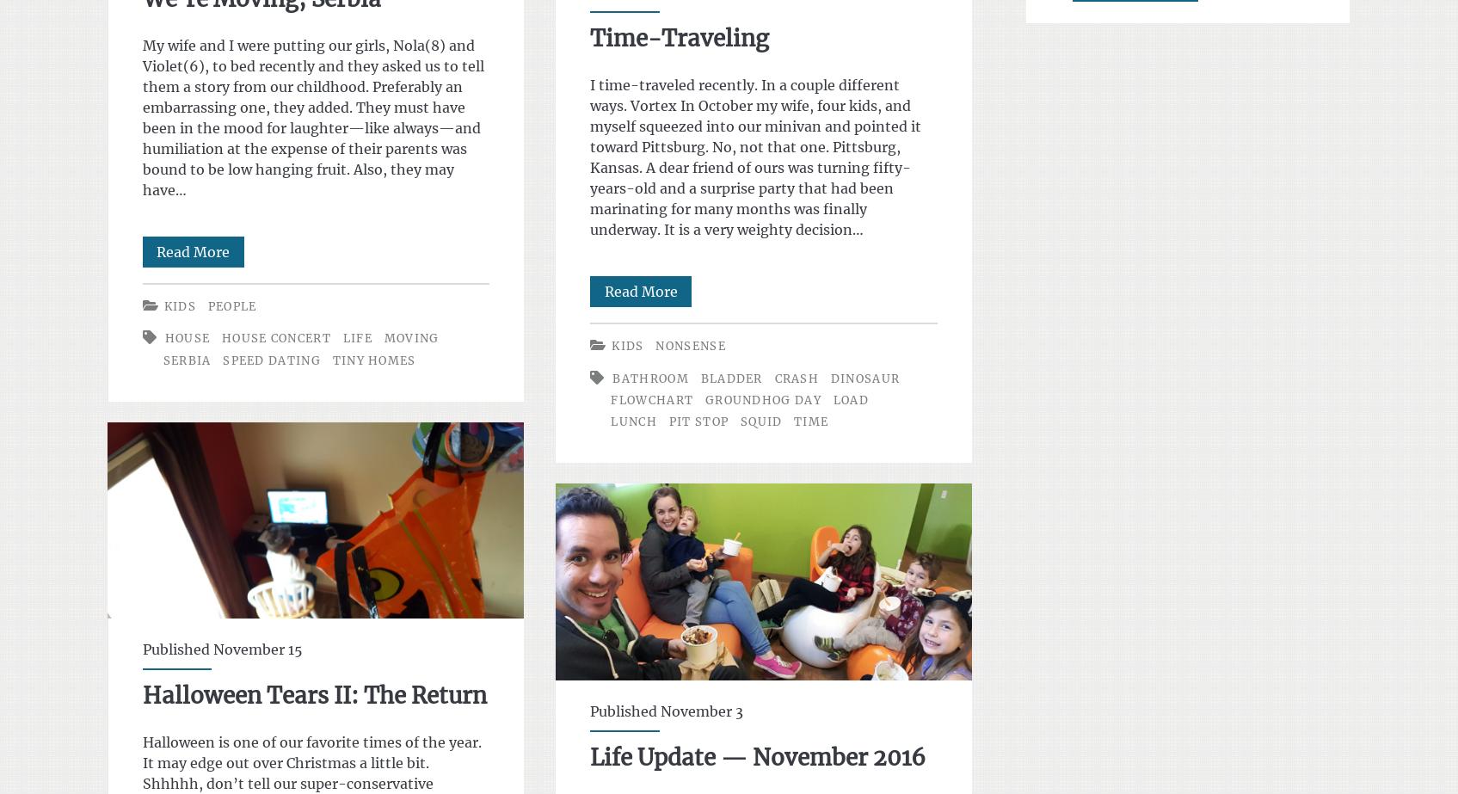 The height and width of the screenshot is (794, 1458). I want to click on 'My wife and I were putting our girls, Nola(8) and Violet(6), to bed recently and they asked us to tell them a story from our childhood. Preferably an embarrassing one, they added. They must have been in the mood for laughter—like always—and humiliation at the expense of their parents was bound to be low hanging fruit. Also, they may have…', so click(311, 117).